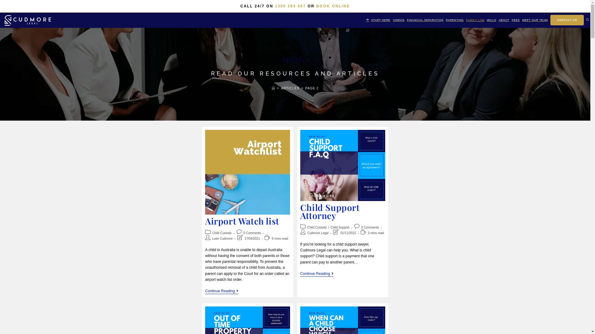 The image size is (595, 334). Describe the element at coordinates (504, 20) in the screenshot. I see `'ABOUT'` at that location.